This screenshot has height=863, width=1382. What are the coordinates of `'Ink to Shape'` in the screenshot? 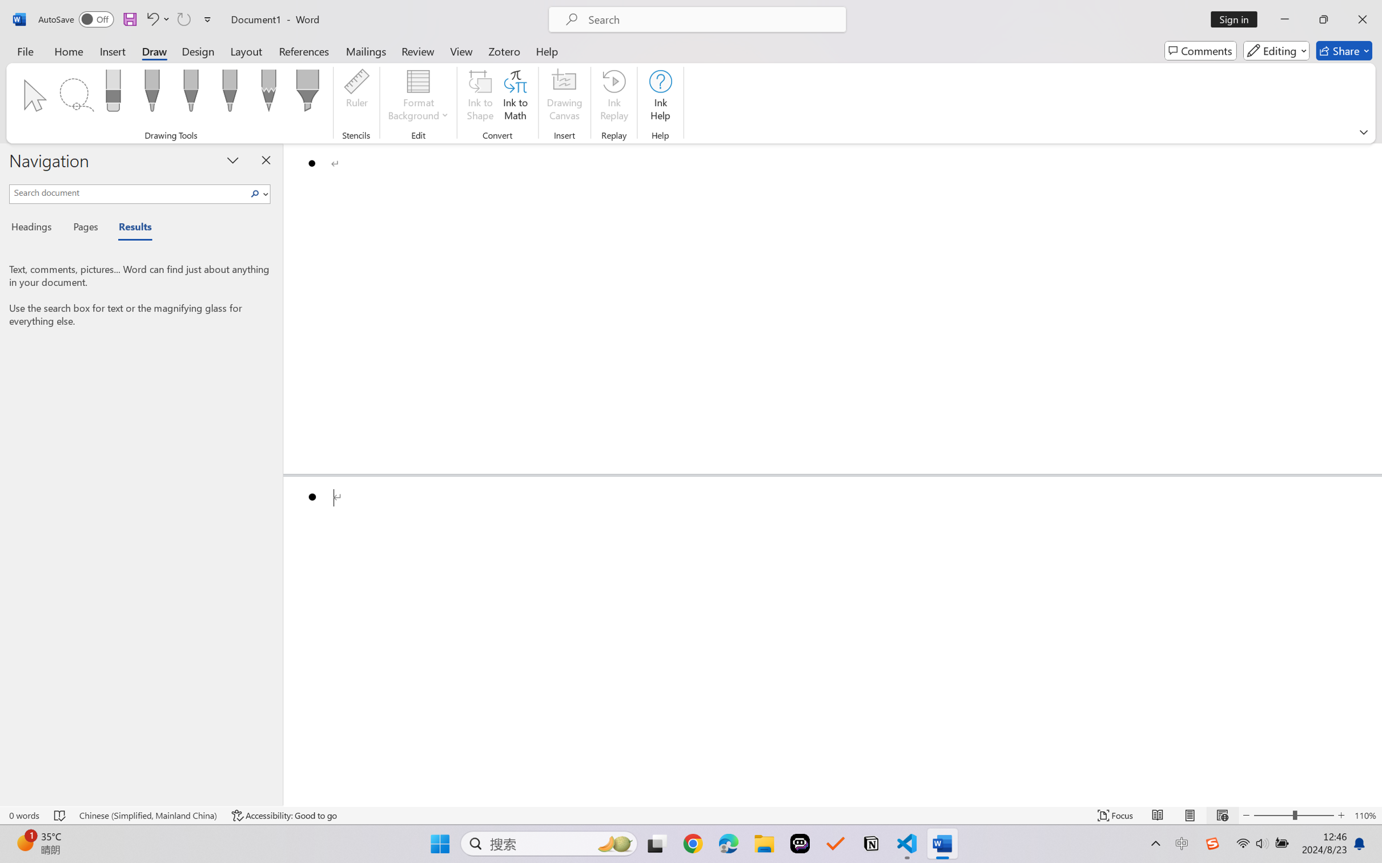 It's located at (480, 97).